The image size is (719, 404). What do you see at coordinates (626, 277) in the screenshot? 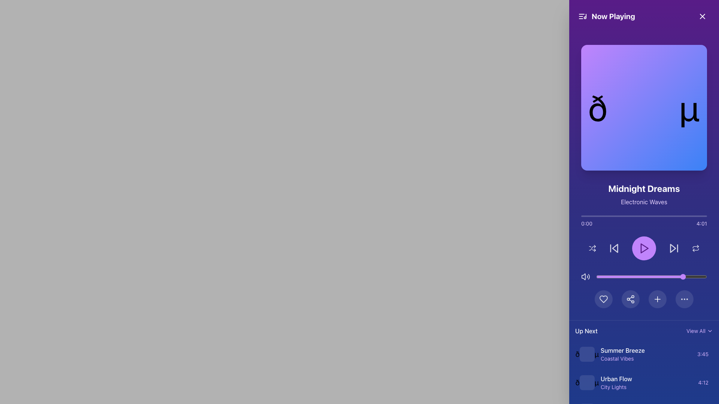
I see `slider value` at bounding box center [626, 277].